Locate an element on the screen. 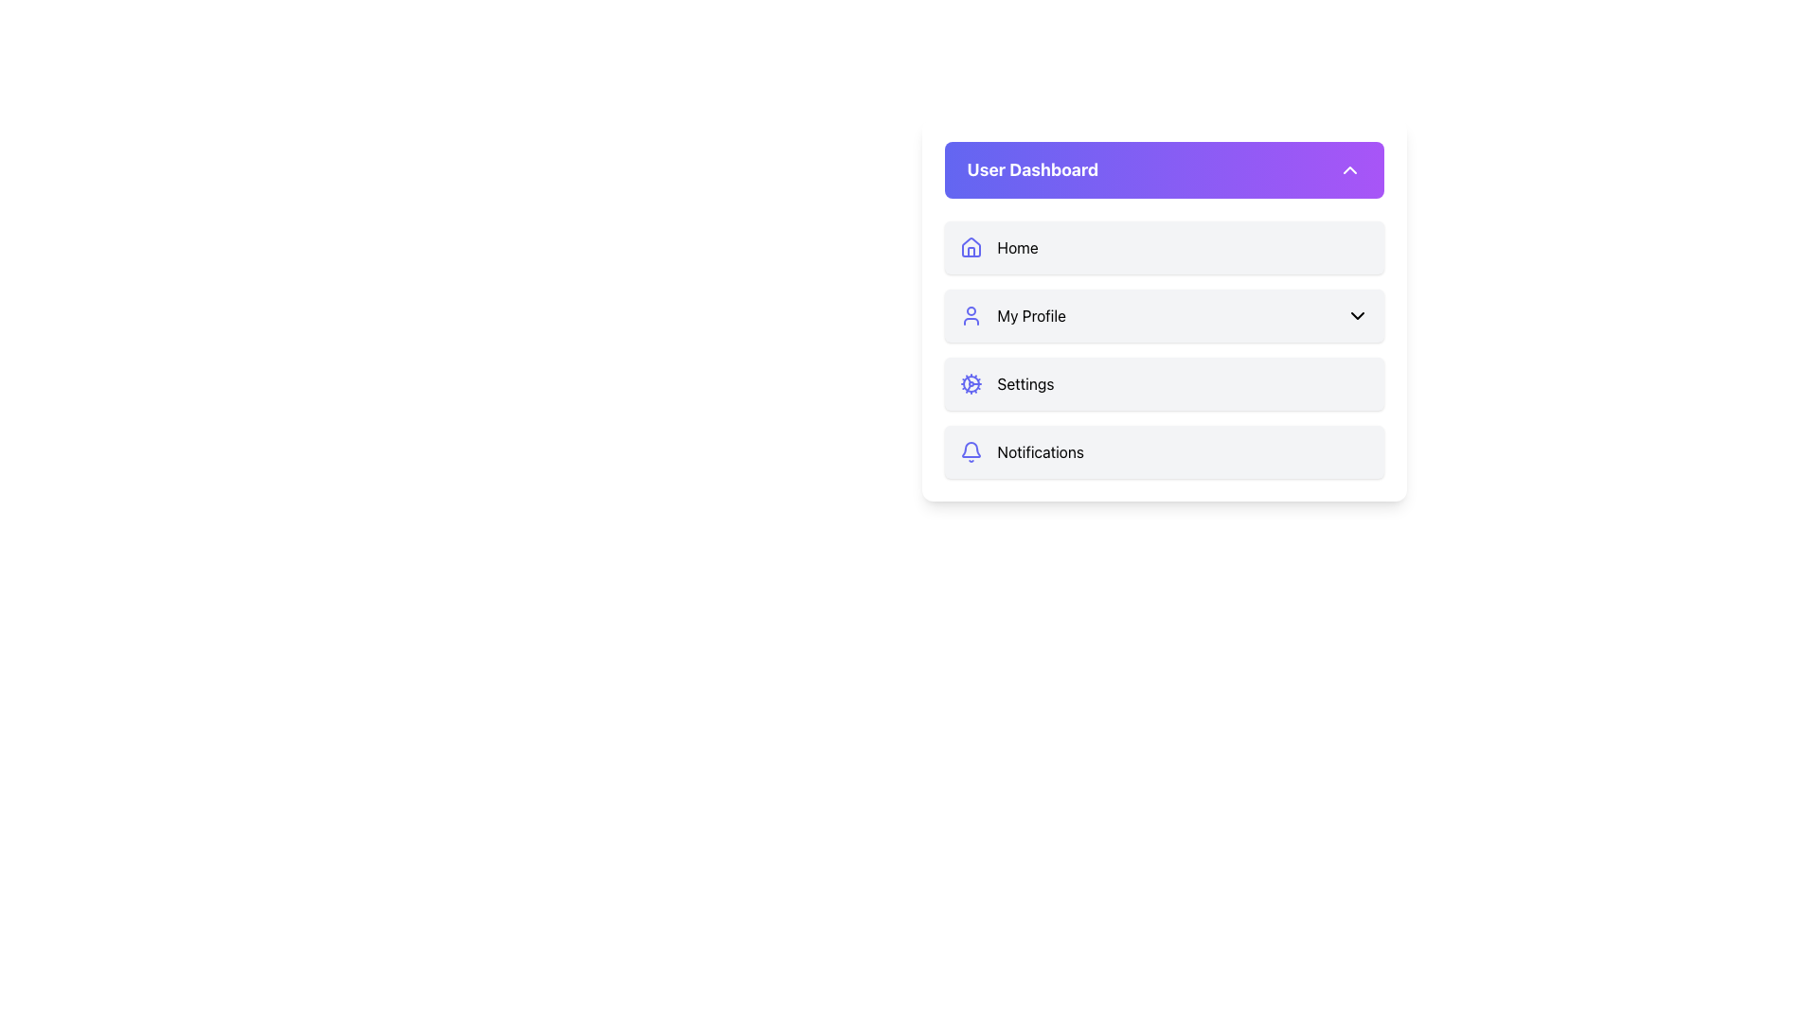  the 'Settings' button, which is the third item in the list within the 'User Dashboard' component, located below 'My Profile' and above 'Notifications' is located at coordinates (1163, 350).